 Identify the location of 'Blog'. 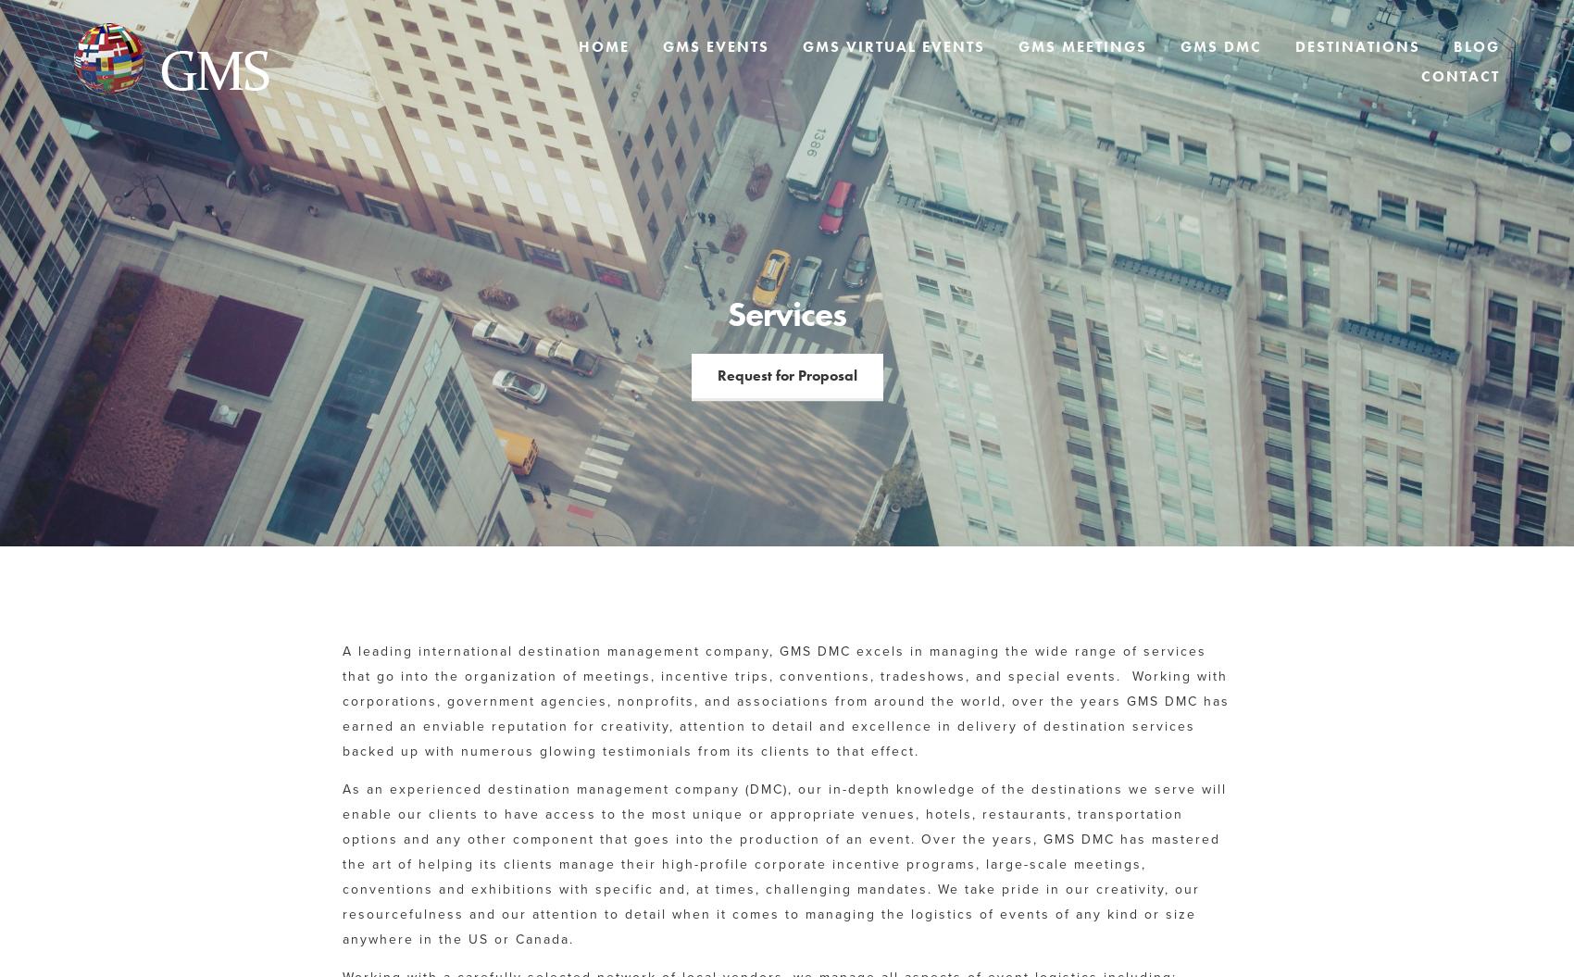
(1476, 46).